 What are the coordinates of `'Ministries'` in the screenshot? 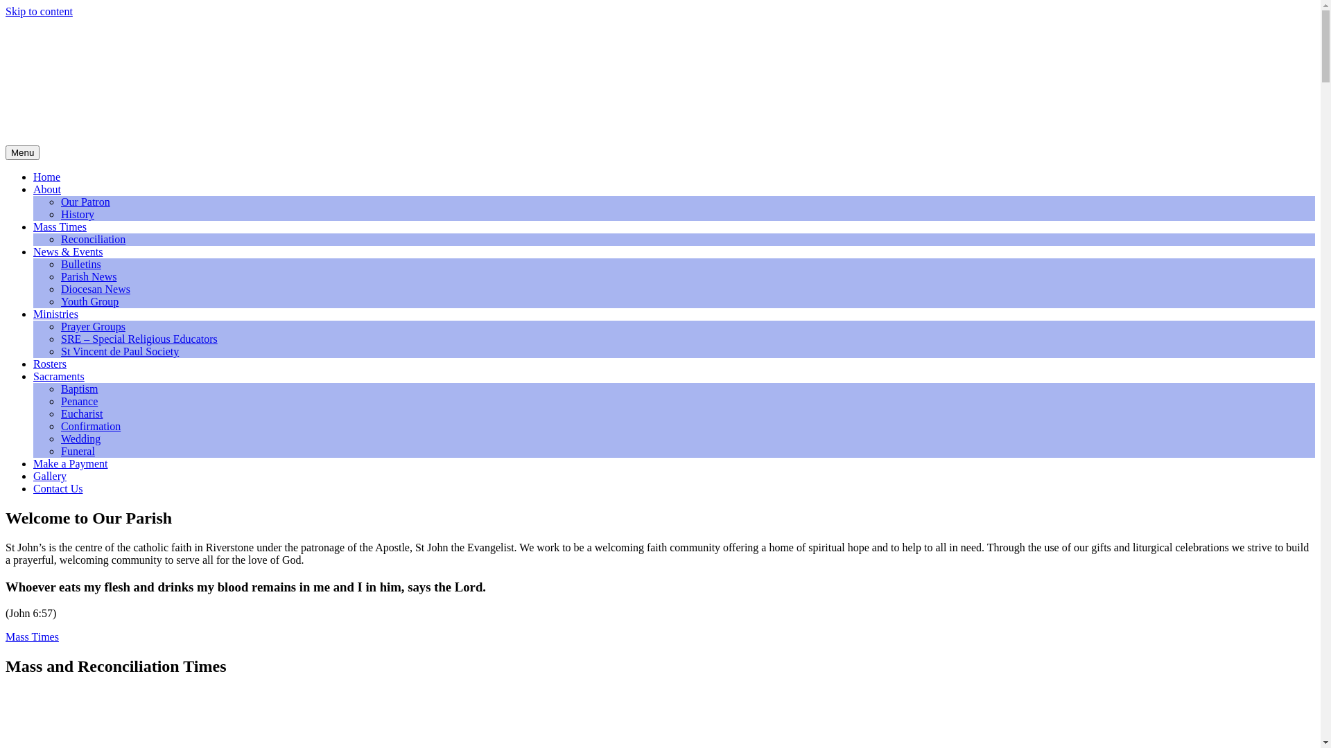 It's located at (55, 314).